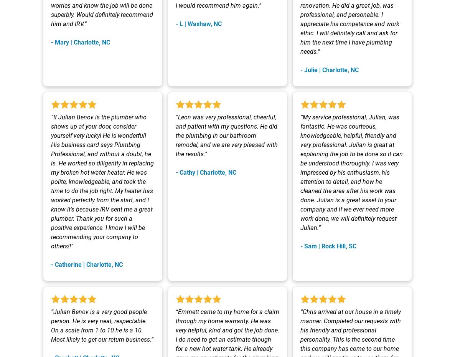  What do you see at coordinates (87, 264) in the screenshot?
I see `'- Catherine | Charlotte, NC'` at bounding box center [87, 264].